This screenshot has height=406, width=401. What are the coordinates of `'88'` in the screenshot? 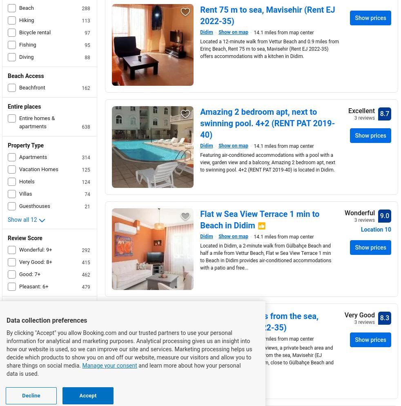 It's located at (87, 57).